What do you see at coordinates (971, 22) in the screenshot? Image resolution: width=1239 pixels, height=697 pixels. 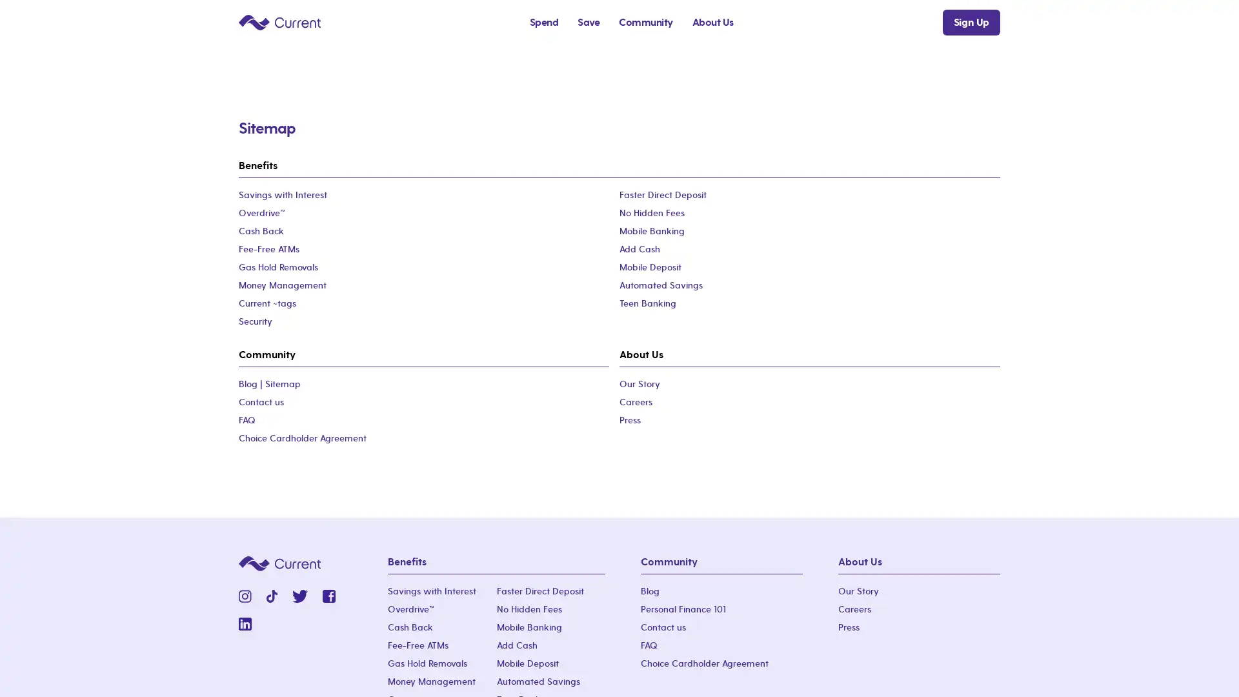 I see `Sign Up` at bounding box center [971, 22].